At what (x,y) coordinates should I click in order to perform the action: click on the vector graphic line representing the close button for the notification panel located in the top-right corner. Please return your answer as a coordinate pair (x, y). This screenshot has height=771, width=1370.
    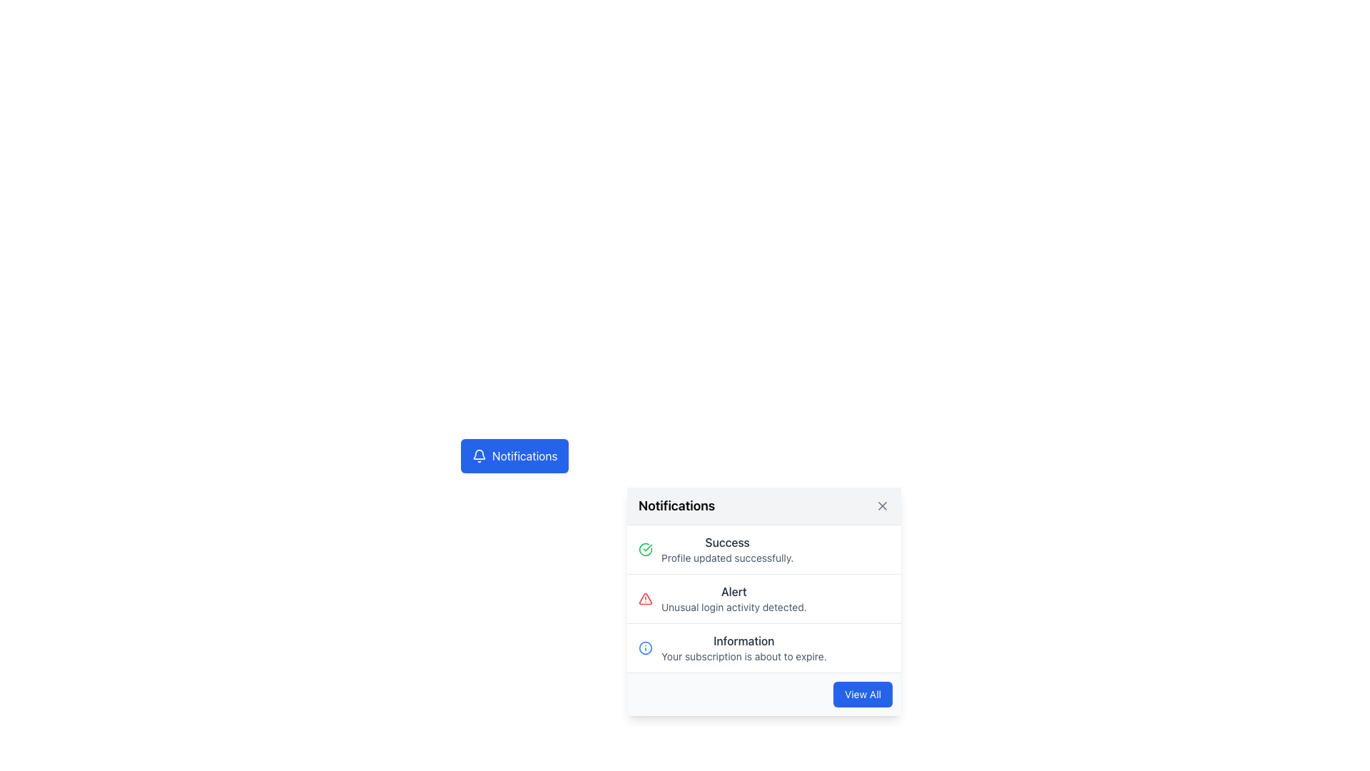
    Looking at the image, I should click on (882, 505).